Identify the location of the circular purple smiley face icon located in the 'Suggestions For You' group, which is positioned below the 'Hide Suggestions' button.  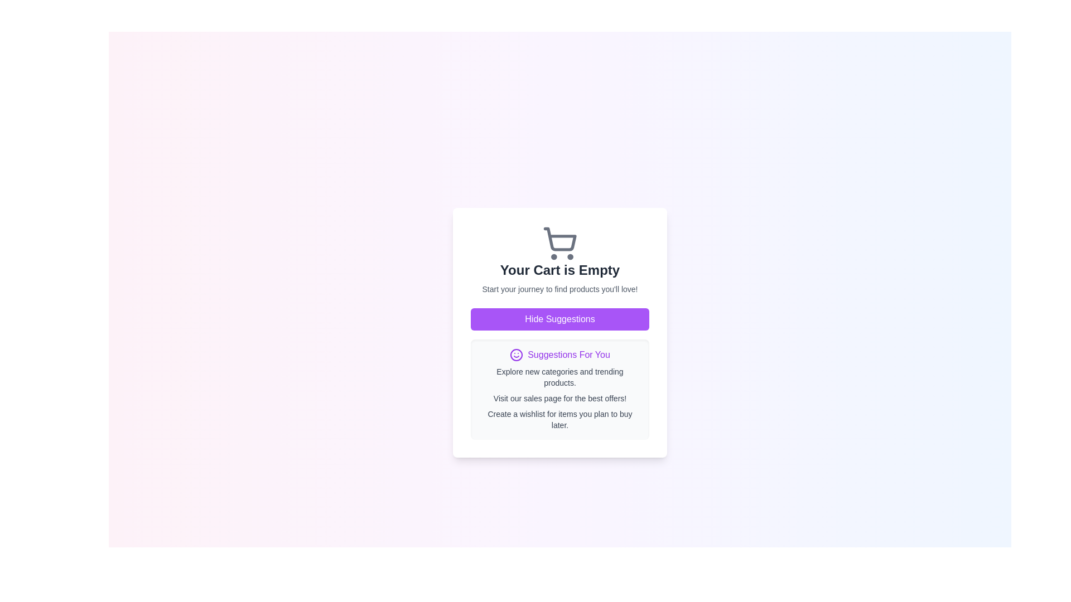
(516, 355).